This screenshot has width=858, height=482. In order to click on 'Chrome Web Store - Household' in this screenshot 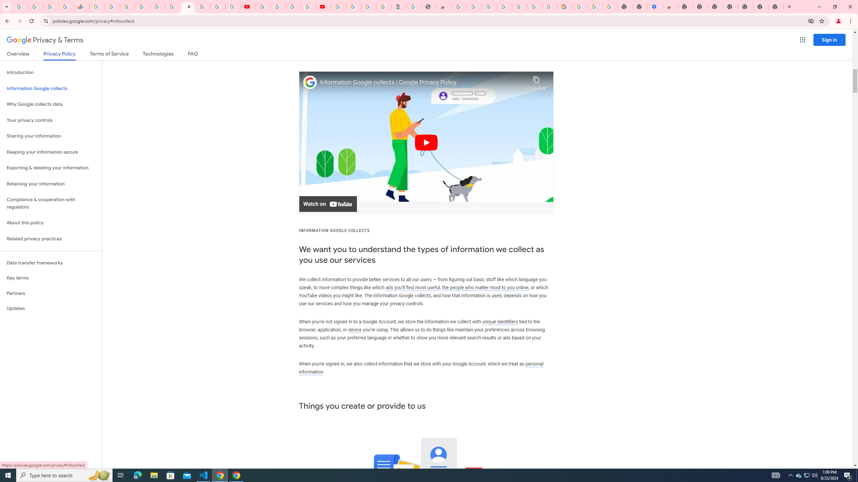, I will do `click(444, 6)`.